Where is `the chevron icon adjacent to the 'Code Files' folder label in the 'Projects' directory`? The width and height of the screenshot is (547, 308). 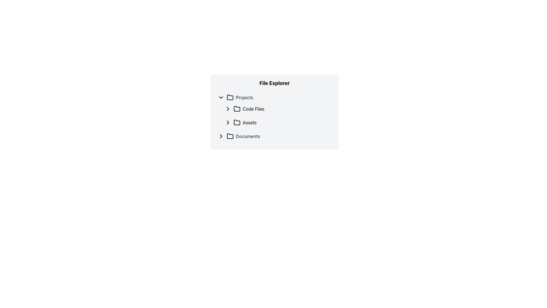 the chevron icon adjacent to the 'Code Files' folder label in the 'Projects' directory is located at coordinates (228, 109).